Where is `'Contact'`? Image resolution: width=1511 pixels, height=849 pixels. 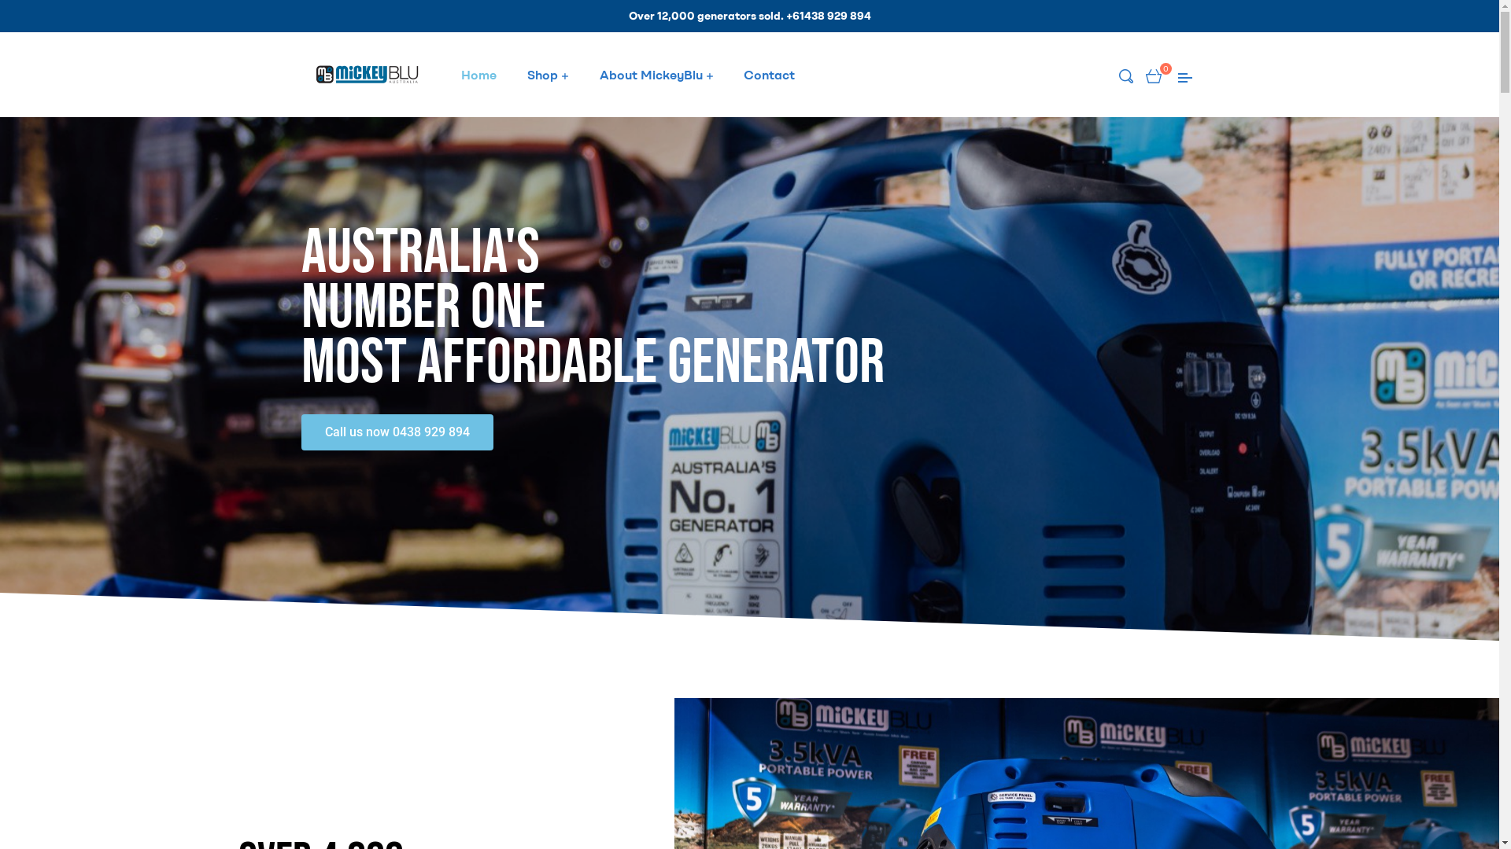 'Contact' is located at coordinates (769, 75).